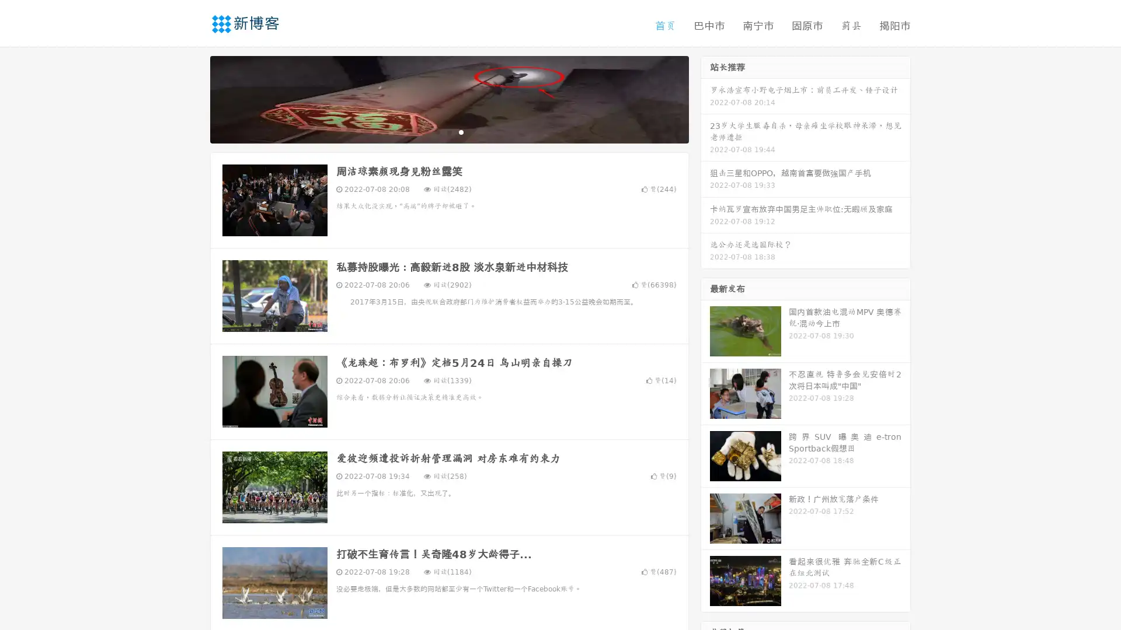 The height and width of the screenshot is (630, 1121). I want to click on Go to slide 2, so click(448, 131).